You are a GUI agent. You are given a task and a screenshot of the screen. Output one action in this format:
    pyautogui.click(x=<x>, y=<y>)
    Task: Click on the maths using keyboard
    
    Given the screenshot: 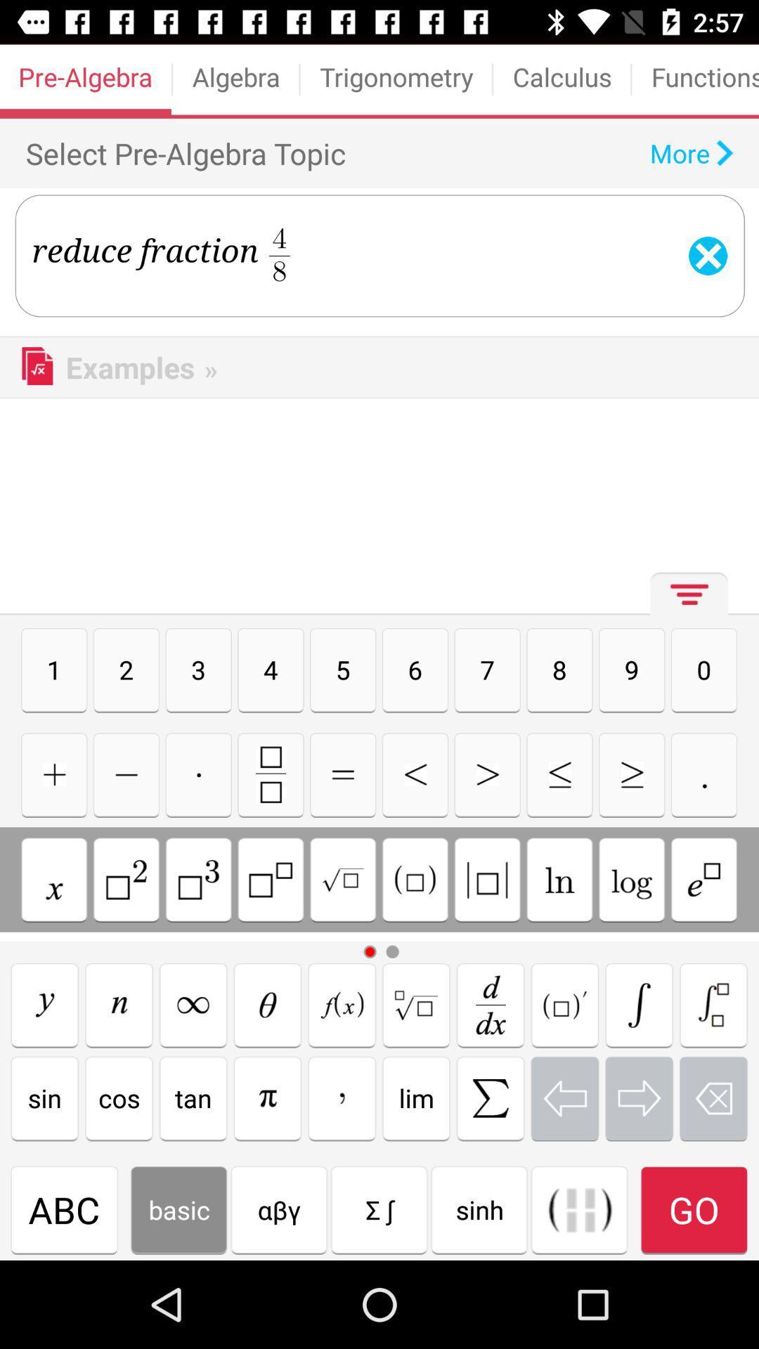 What is the action you would take?
    pyautogui.click(x=342, y=1004)
    